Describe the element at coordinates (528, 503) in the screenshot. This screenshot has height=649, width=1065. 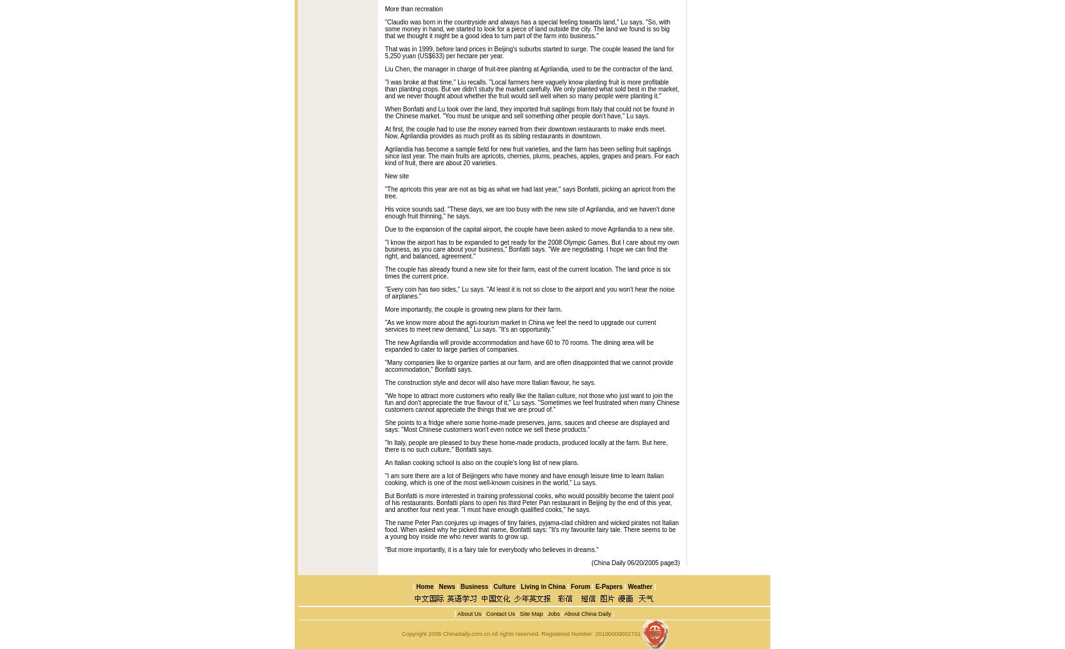
I see `'But Bonfatti is more interested in training professional cooks, who would possibly become the talent pool of his restaurants. Bonfatti plans to open his third Peter Pan restaurant in Beijing by the end of this year, and another four next year. "I must have enough qualified cooks," he says.'` at that location.